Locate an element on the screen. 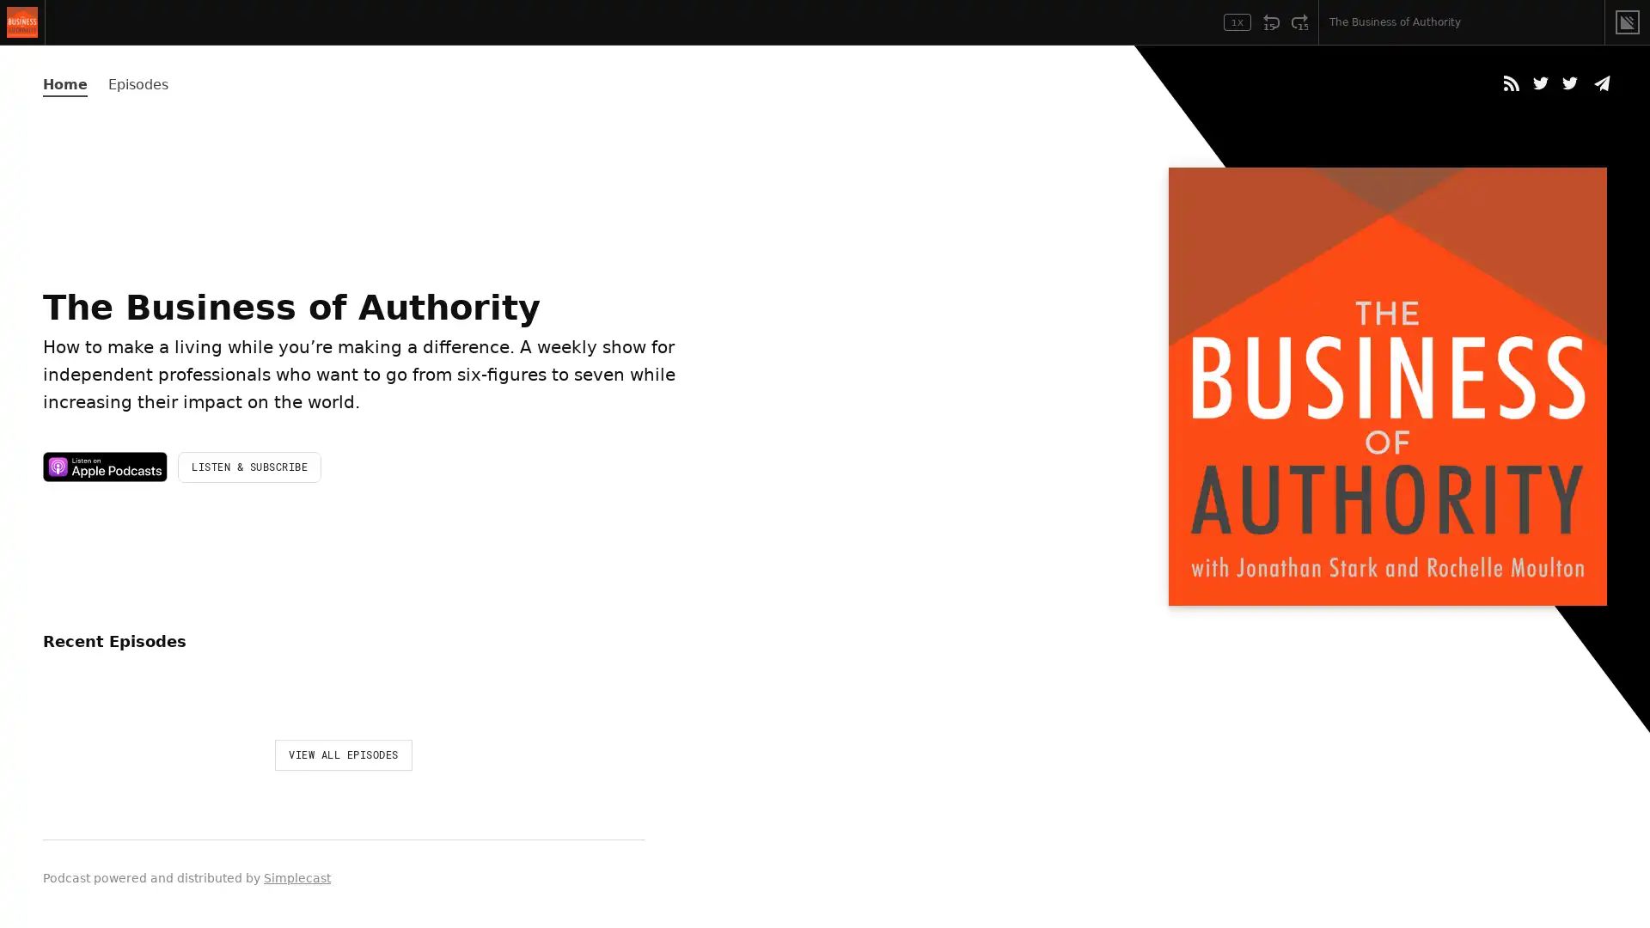  Play is located at coordinates (63, 839).